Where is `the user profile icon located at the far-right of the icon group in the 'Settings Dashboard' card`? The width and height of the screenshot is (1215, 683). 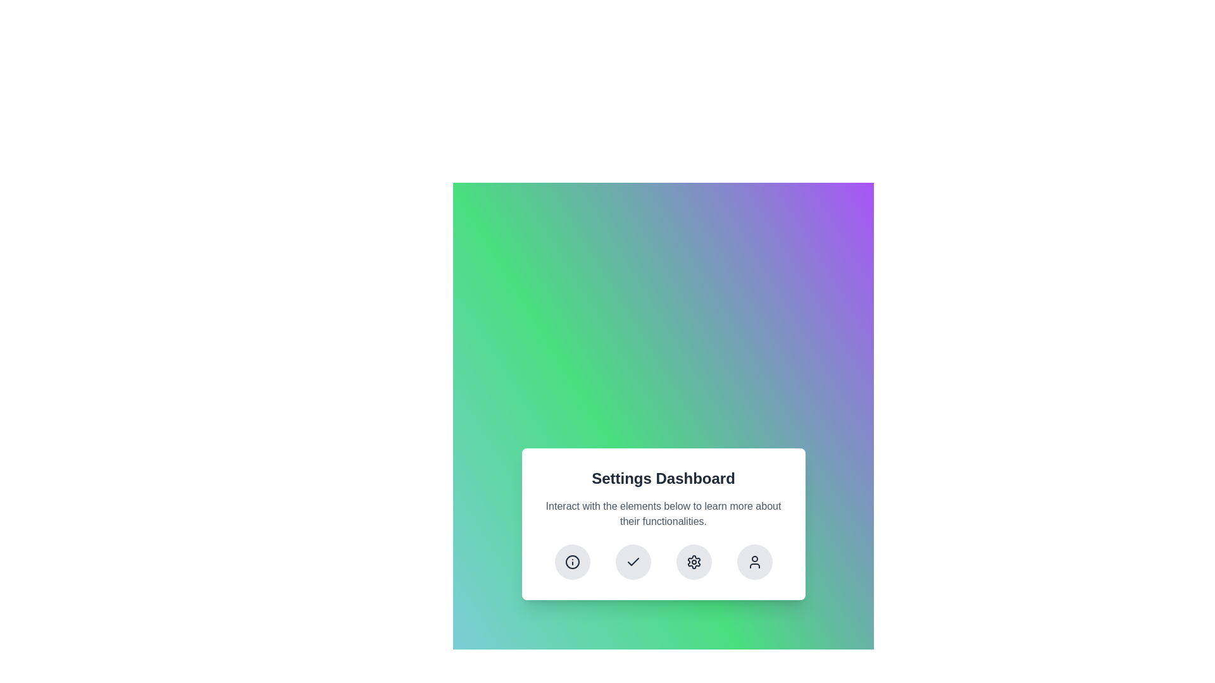 the user profile icon located at the far-right of the icon group in the 'Settings Dashboard' card is located at coordinates (754, 561).